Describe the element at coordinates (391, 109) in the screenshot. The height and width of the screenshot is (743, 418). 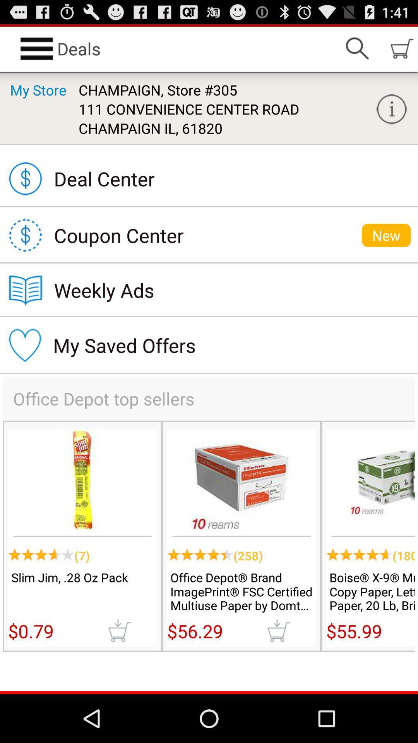
I see `more info option` at that location.